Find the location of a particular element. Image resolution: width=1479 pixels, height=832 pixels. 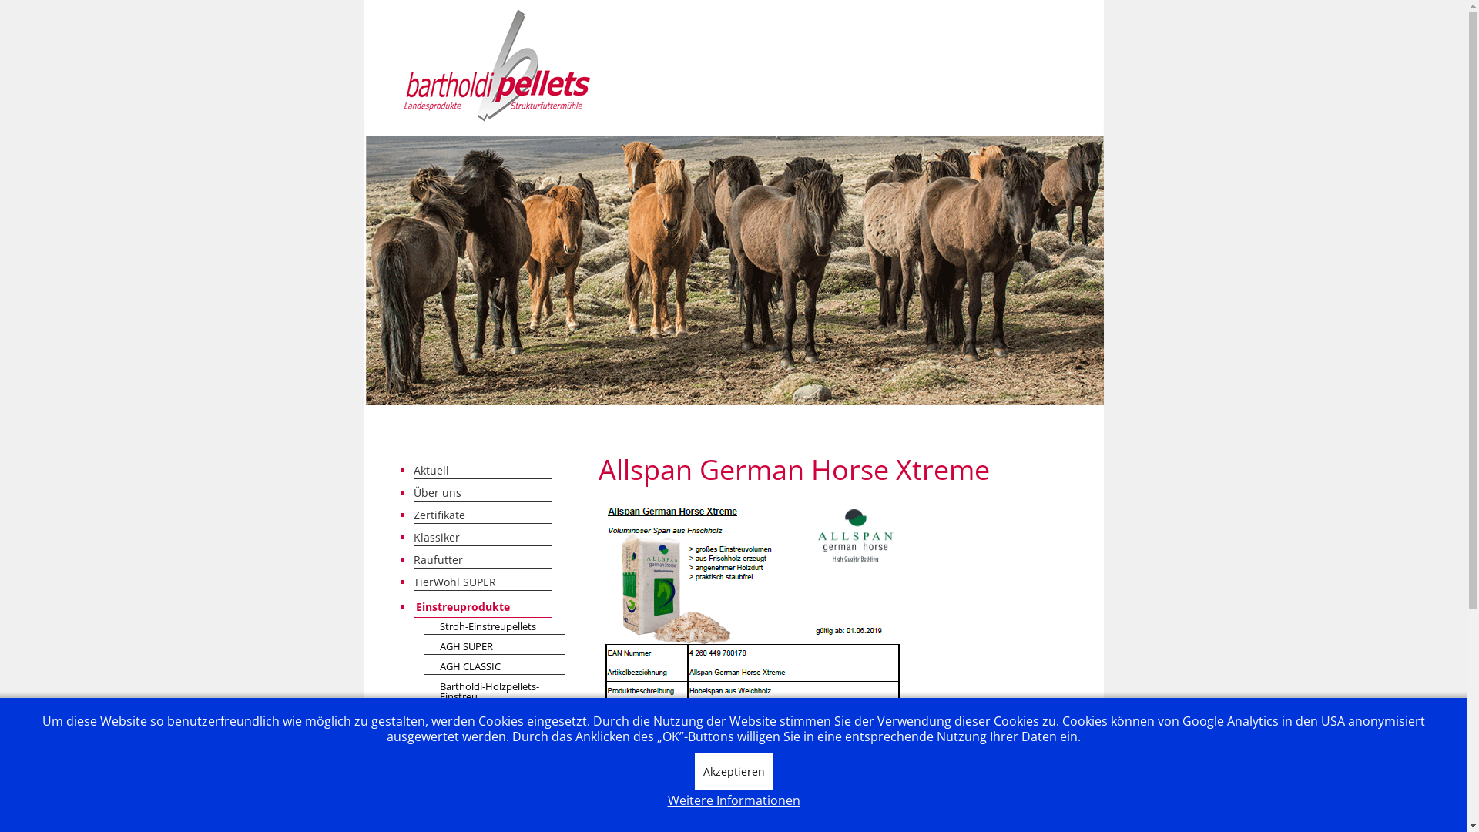

'Einstreuprodukte' is located at coordinates (413, 606).